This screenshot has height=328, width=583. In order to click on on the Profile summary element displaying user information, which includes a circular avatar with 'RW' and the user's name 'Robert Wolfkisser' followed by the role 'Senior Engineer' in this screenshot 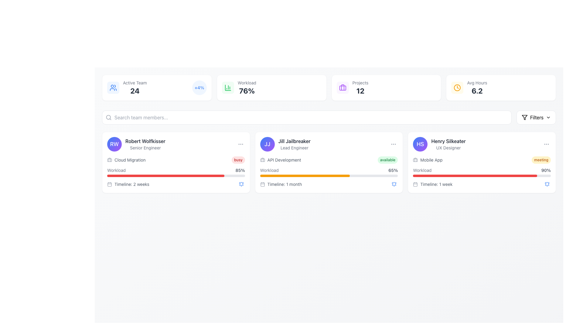, I will do `click(136, 144)`.